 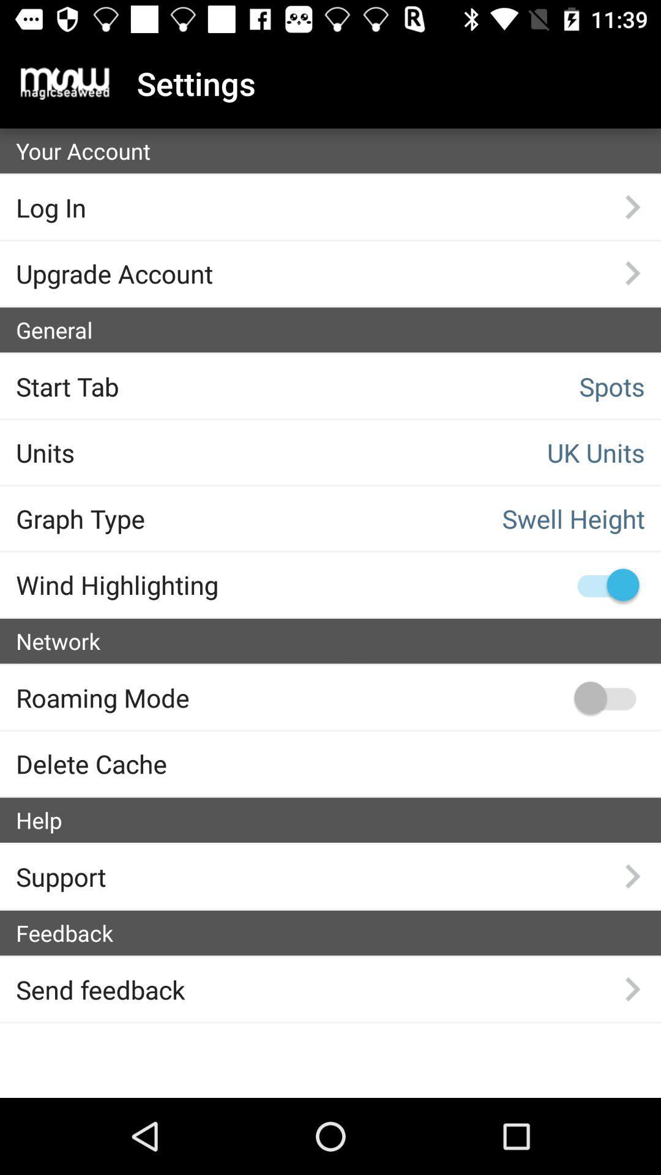 What do you see at coordinates (632, 272) in the screenshot?
I see `the second next symbol from the top` at bounding box center [632, 272].